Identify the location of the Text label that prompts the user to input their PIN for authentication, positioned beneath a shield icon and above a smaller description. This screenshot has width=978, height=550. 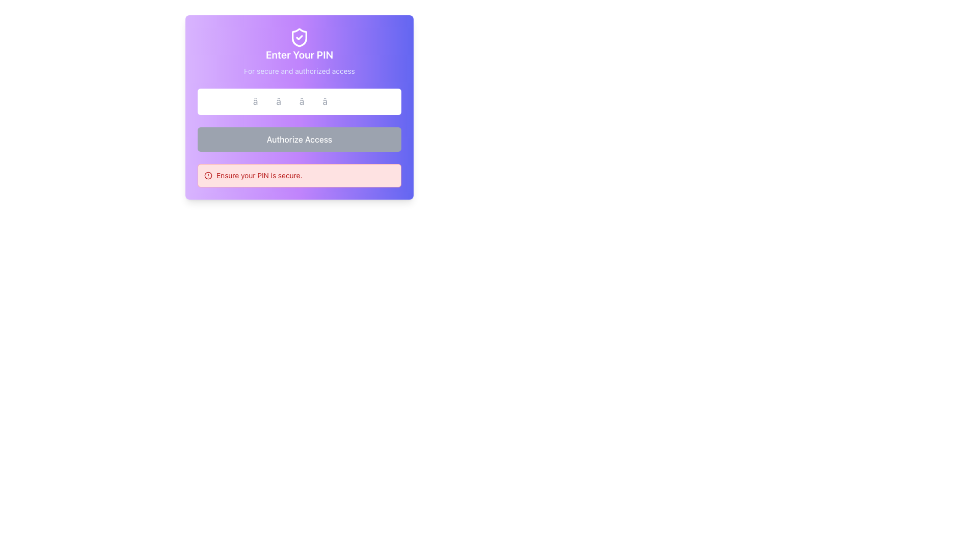
(299, 55).